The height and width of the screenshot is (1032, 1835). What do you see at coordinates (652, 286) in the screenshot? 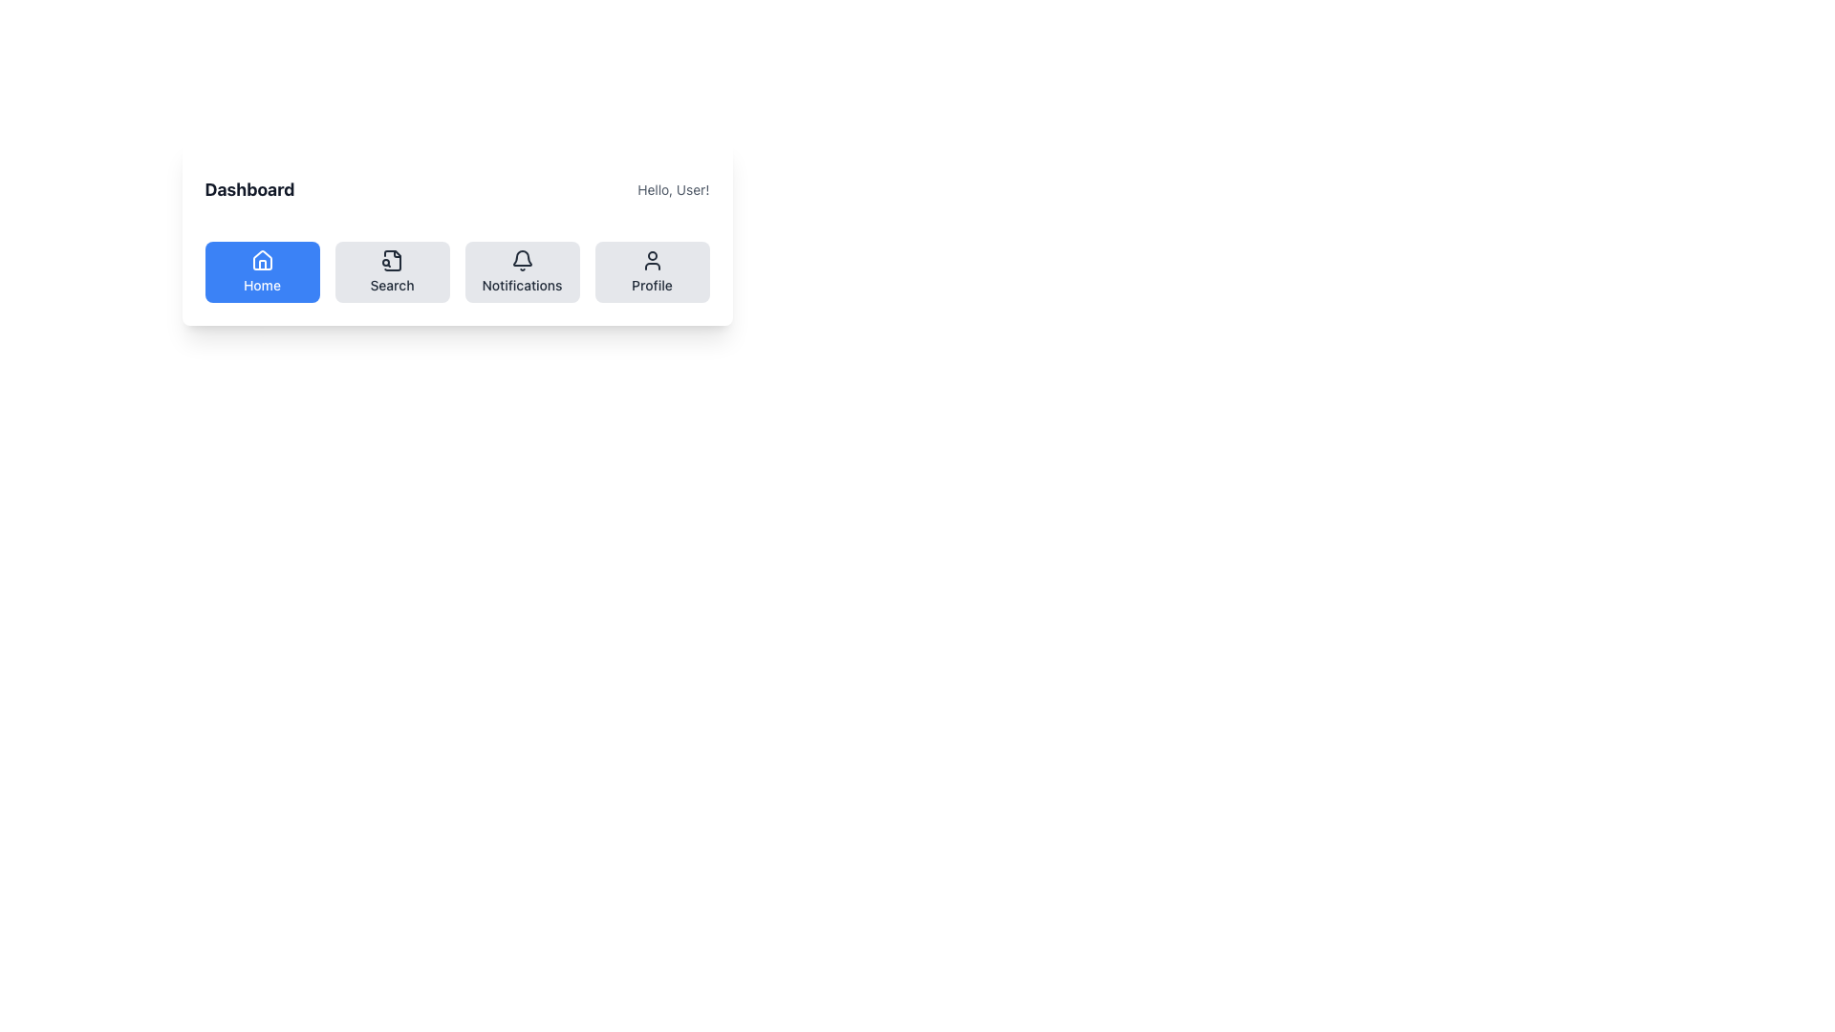
I see `text label 'Profile', which is styled in a small, medium-bold font and is located below a user icon in the clickable 'Profile' button, positioned at the bottom center of a rectangular section with rounded corners` at bounding box center [652, 286].